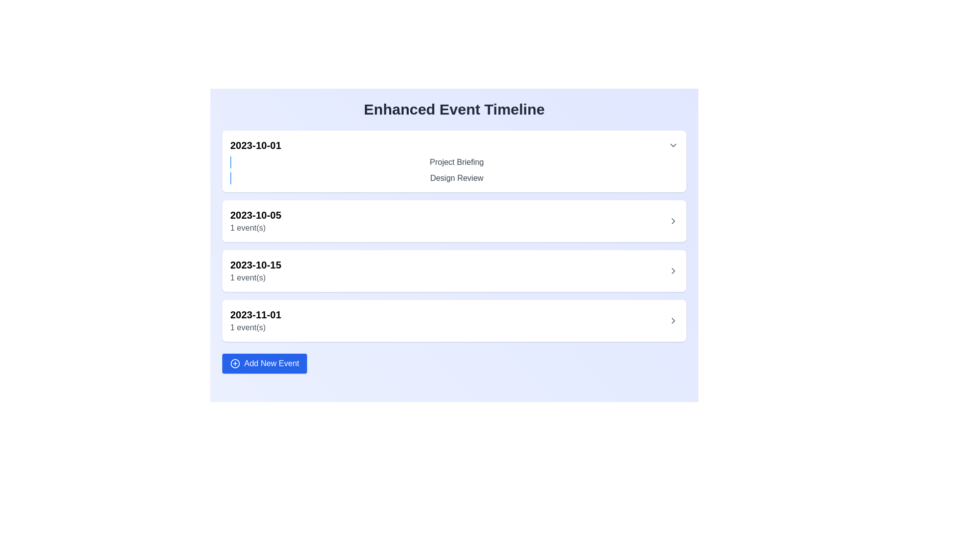  Describe the element at coordinates (673, 270) in the screenshot. I see `the chevron icon that indicates the timeline entry for '2023-10-15', located on the far right of the entry` at that location.